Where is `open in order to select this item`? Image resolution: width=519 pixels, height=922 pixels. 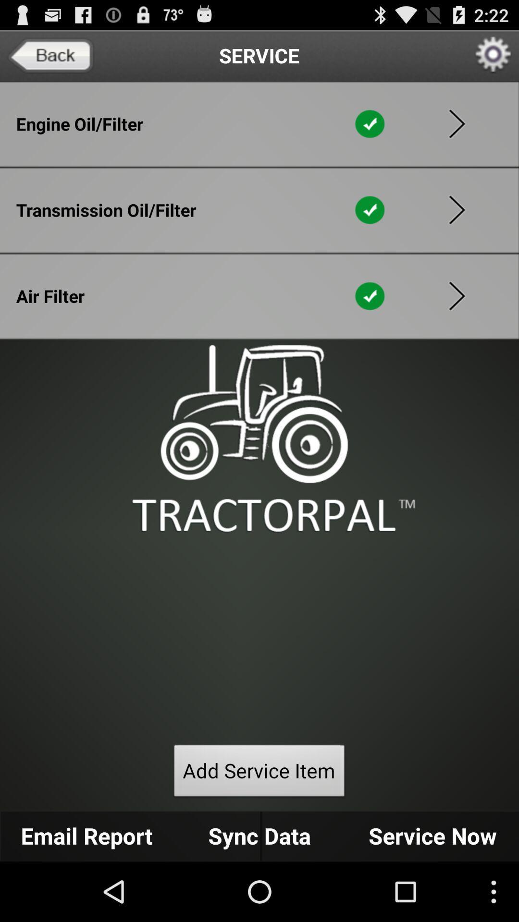
open in order to select this item is located at coordinates (457, 123).